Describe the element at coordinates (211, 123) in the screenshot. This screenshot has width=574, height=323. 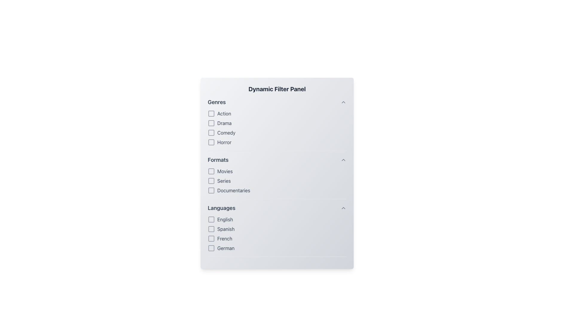
I see `the second checkbox under the 'Genres' section of the 'Dynamic Filter Panel'` at that location.